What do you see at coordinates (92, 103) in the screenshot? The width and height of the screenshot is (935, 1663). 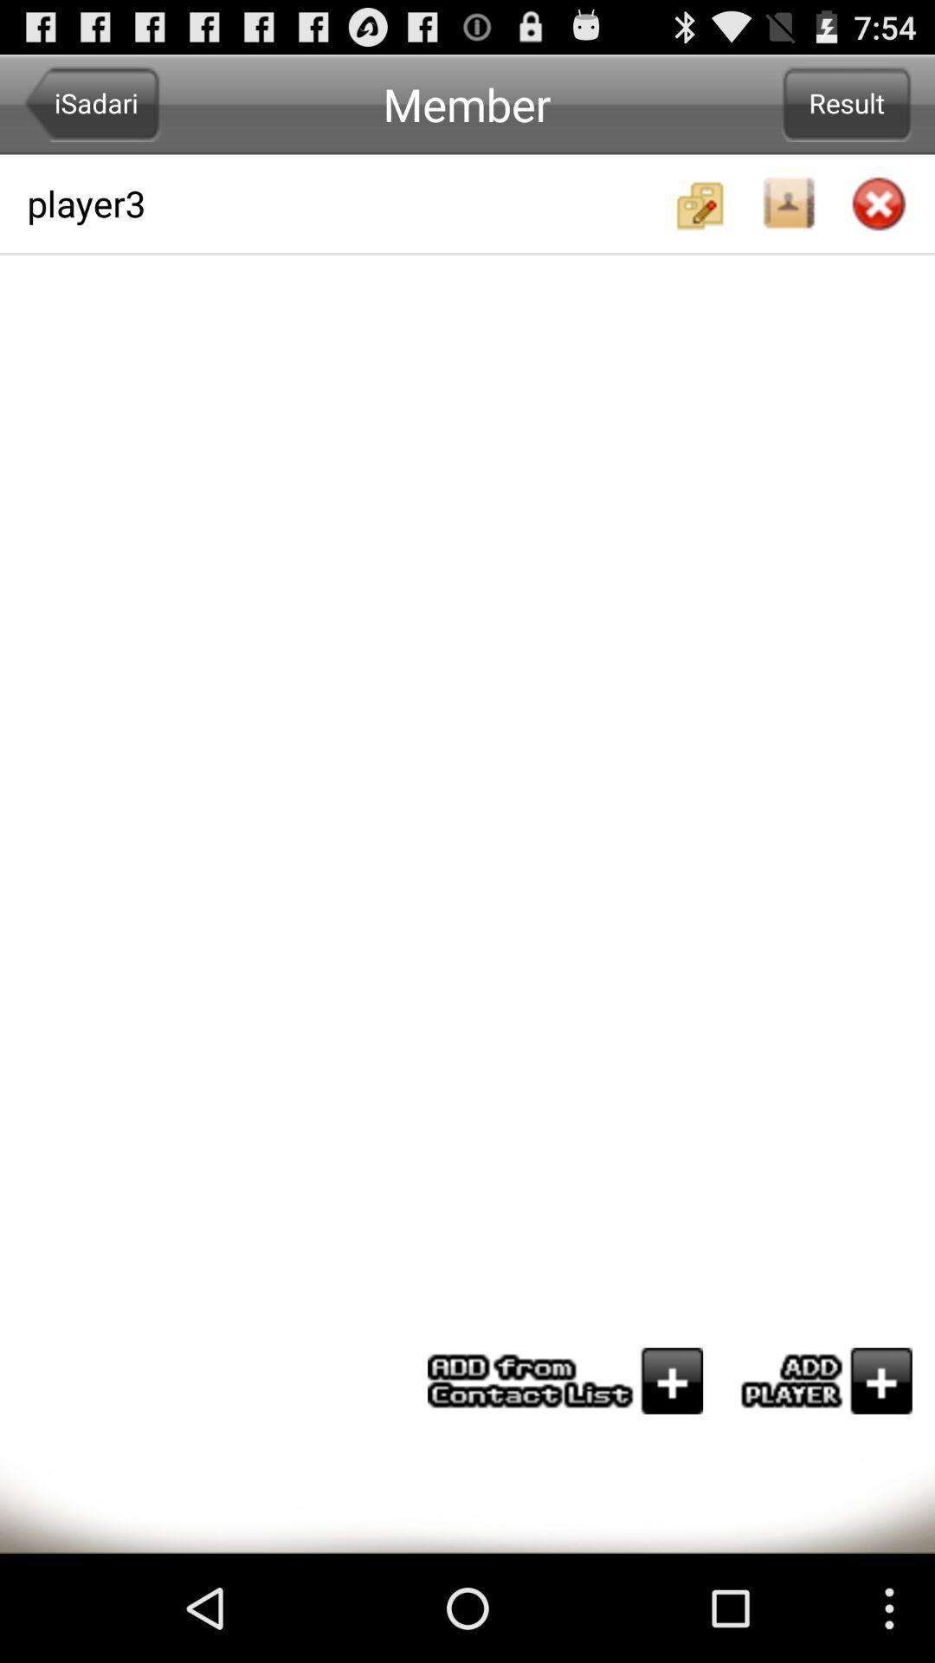 I see `the item at the top left corner` at bounding box center [92, 103].